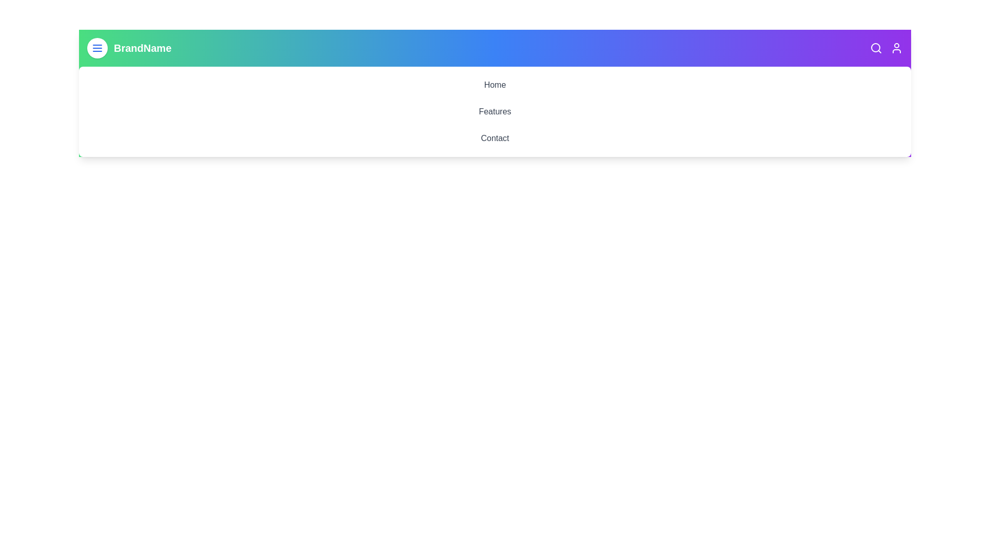 This screenshot has width=985, height=554. I want to click on the menu toggle button to toggle the menu visibility, so click(97, 48).